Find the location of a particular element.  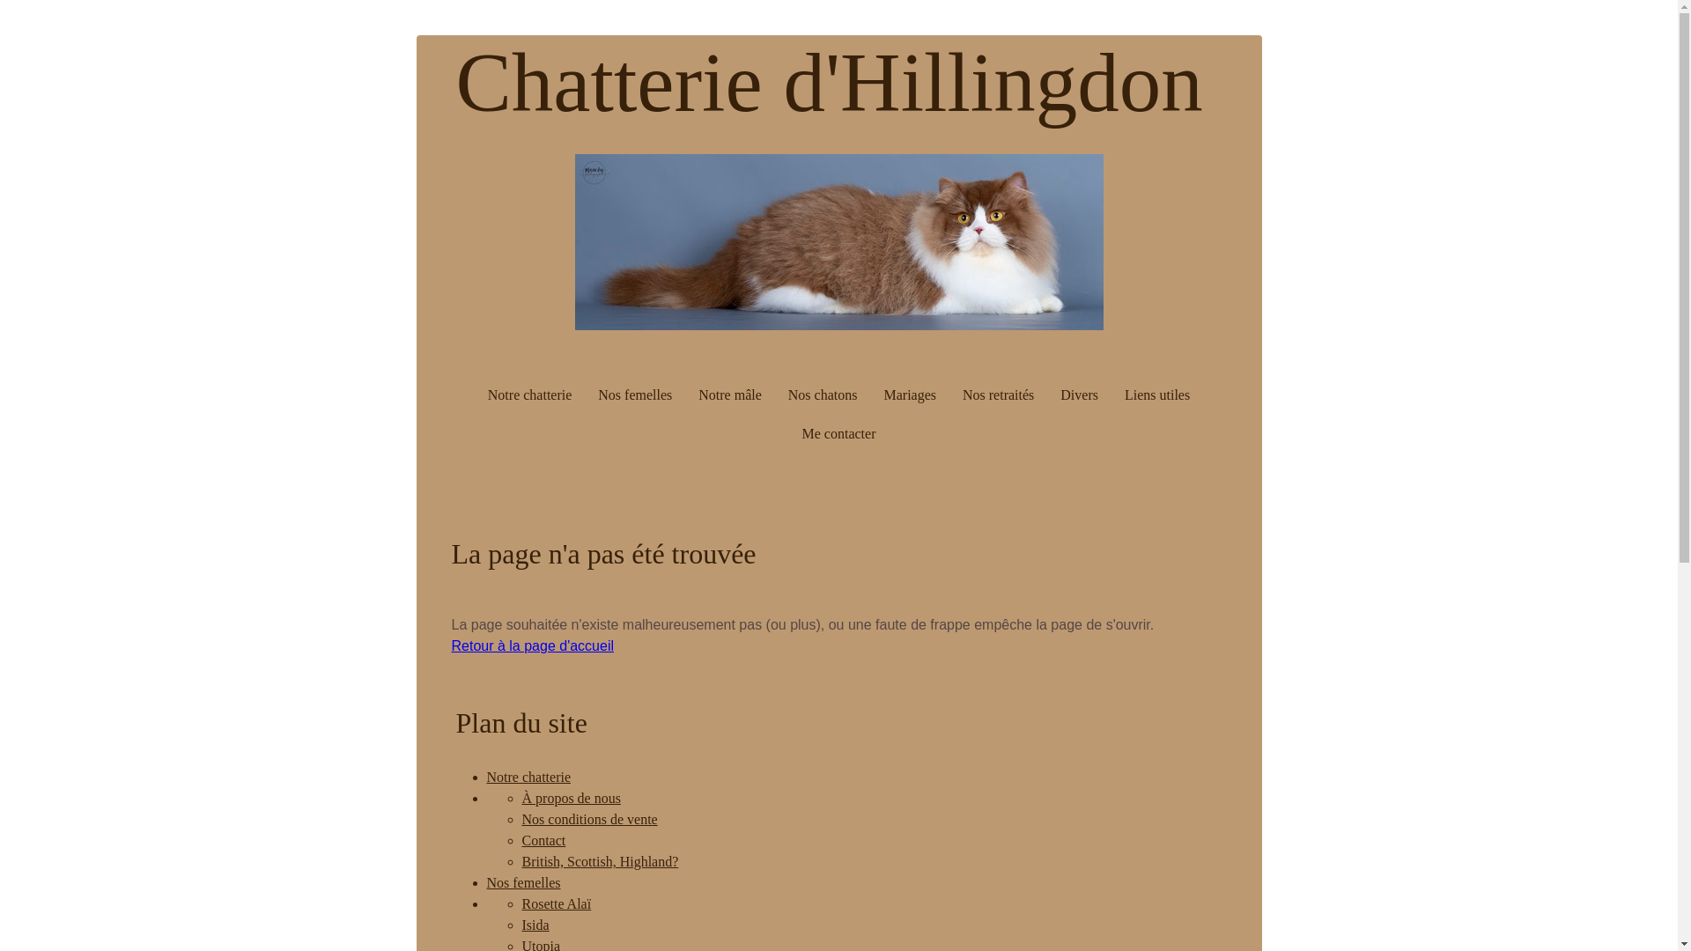

'Isida' is located at coordinates (520, 924).